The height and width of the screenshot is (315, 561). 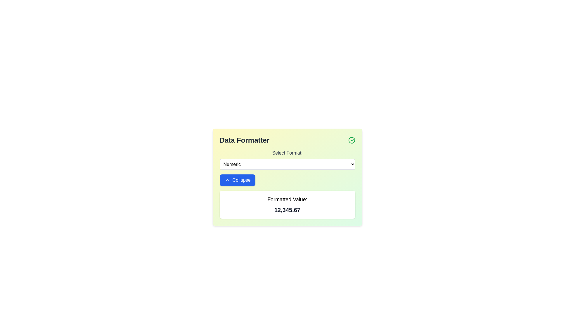 I want to click on the descriptive label for the dropdown menu in the 'Data Formatter' section, located directly above the 'Numeric' dropdown, so click(x=287, y=153).